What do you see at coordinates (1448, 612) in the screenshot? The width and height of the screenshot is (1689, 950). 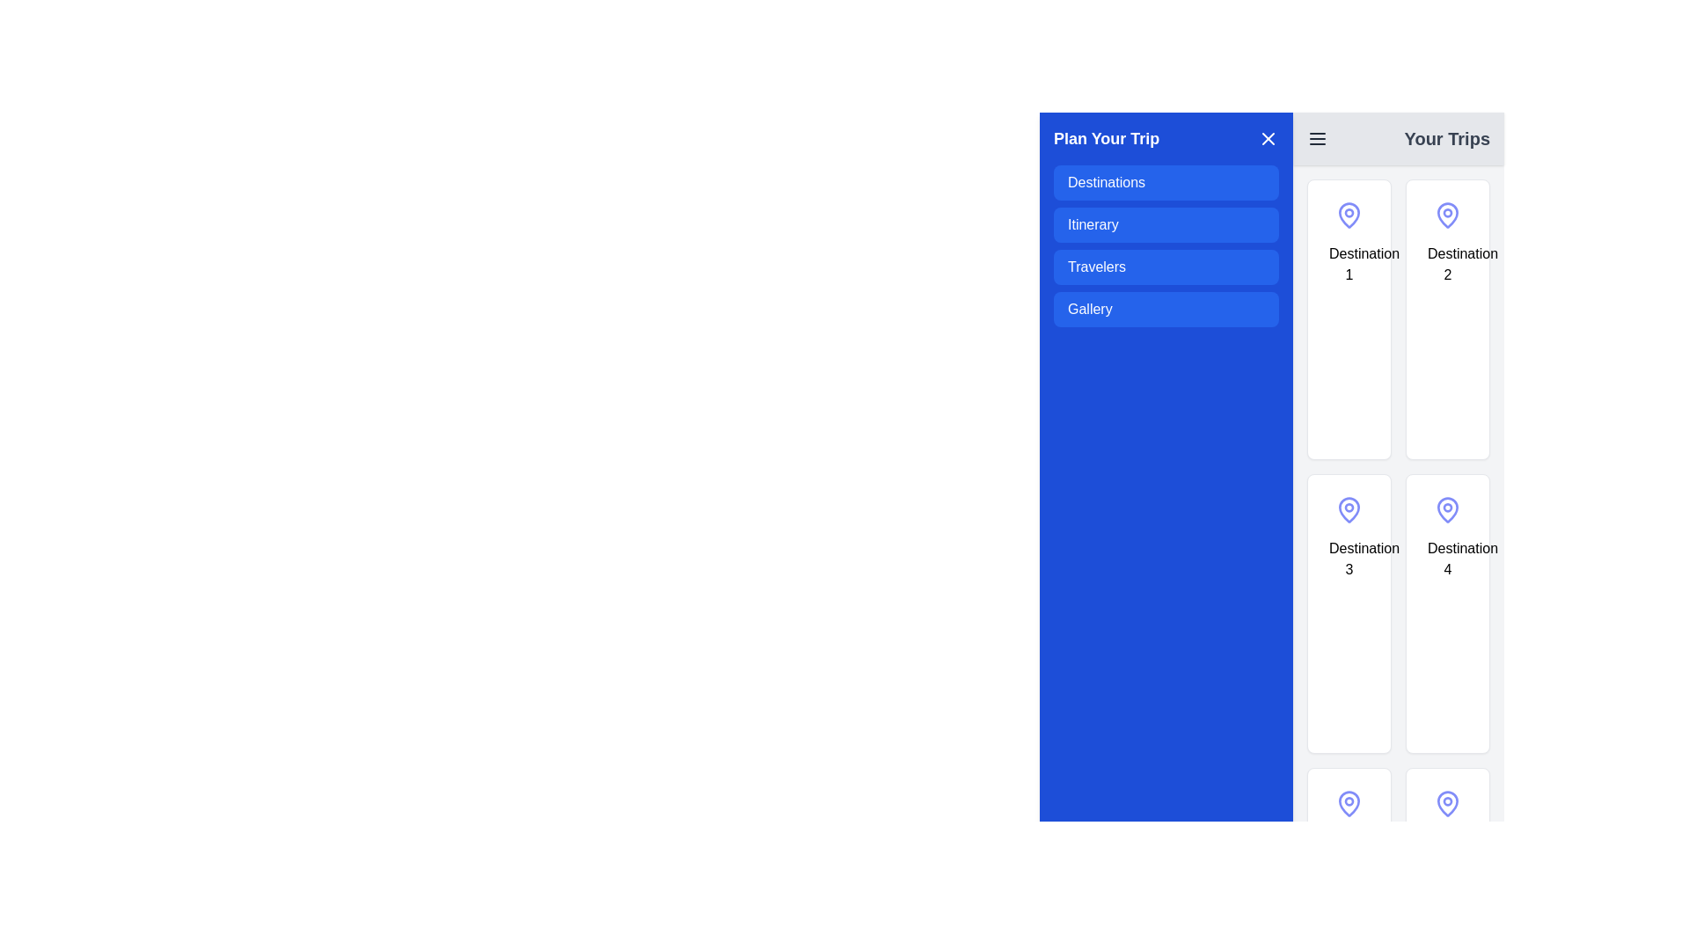 I see `the fourth destination card in the grid layout, positioned in the right column of the second row, to interact with it` at bounding box center [1448, 612].